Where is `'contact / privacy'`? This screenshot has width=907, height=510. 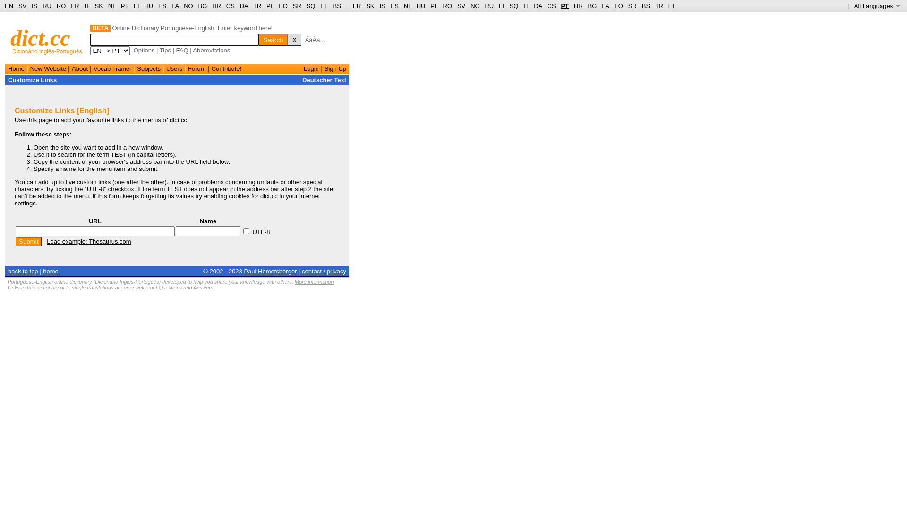 'contact / privacy' is located at coordinates (324, 271).